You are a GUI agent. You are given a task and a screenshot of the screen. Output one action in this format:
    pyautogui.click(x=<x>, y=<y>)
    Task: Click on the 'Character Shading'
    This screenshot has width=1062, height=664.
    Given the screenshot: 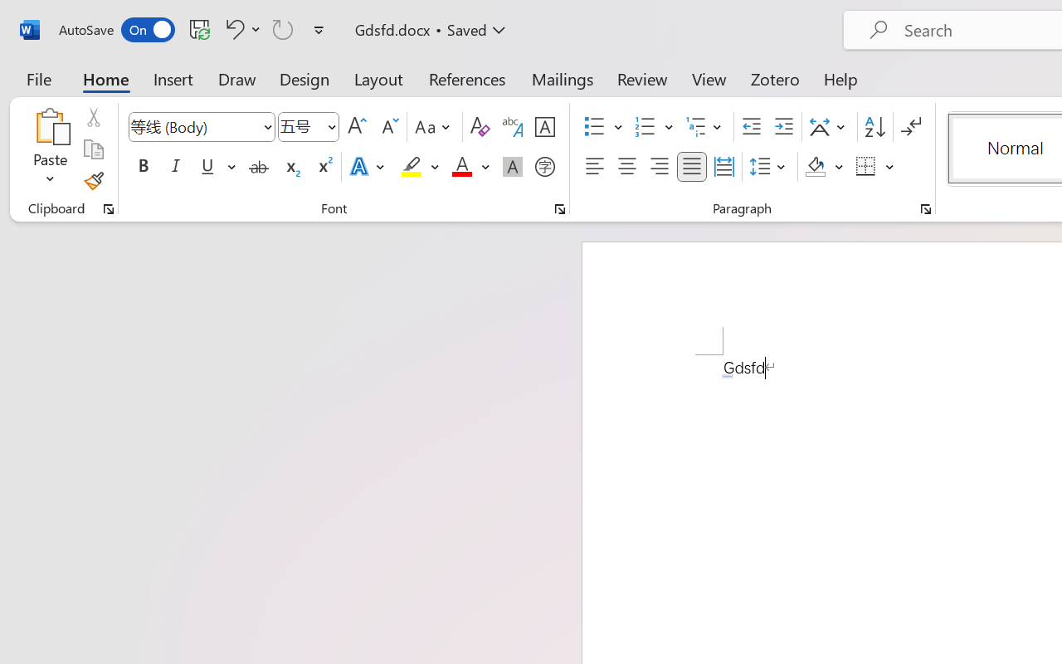 What is the action you would take?
    pyautogui.click(x=512, y=167)
    